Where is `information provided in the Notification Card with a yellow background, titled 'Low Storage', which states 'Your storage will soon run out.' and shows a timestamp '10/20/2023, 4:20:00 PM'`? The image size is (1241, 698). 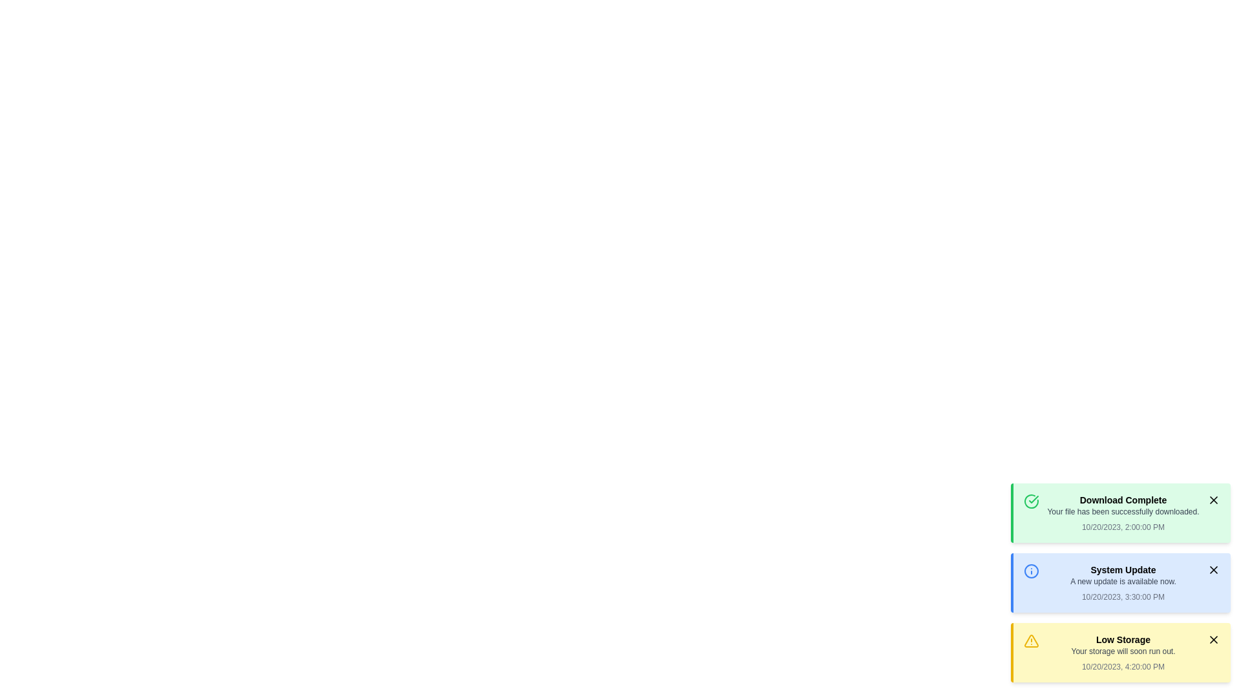 information provided in the Notification Card with a yellow background, titled 'Low Storage', which states 'Your storage will soon run out.' and shows a timestamp '10/20/2023, 4:20:00 PM' is located at coordinates (1122, 653).